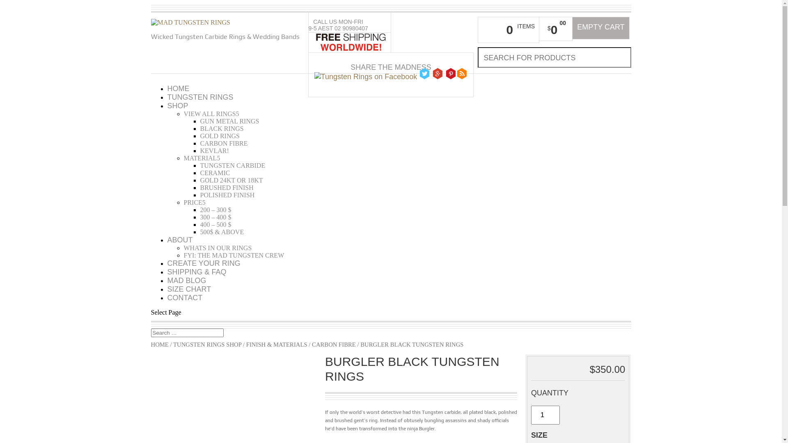  What do you see at coordinates (178, 89) in the screenshot?
I see `'HOME'` at bounding box center [178, 89].